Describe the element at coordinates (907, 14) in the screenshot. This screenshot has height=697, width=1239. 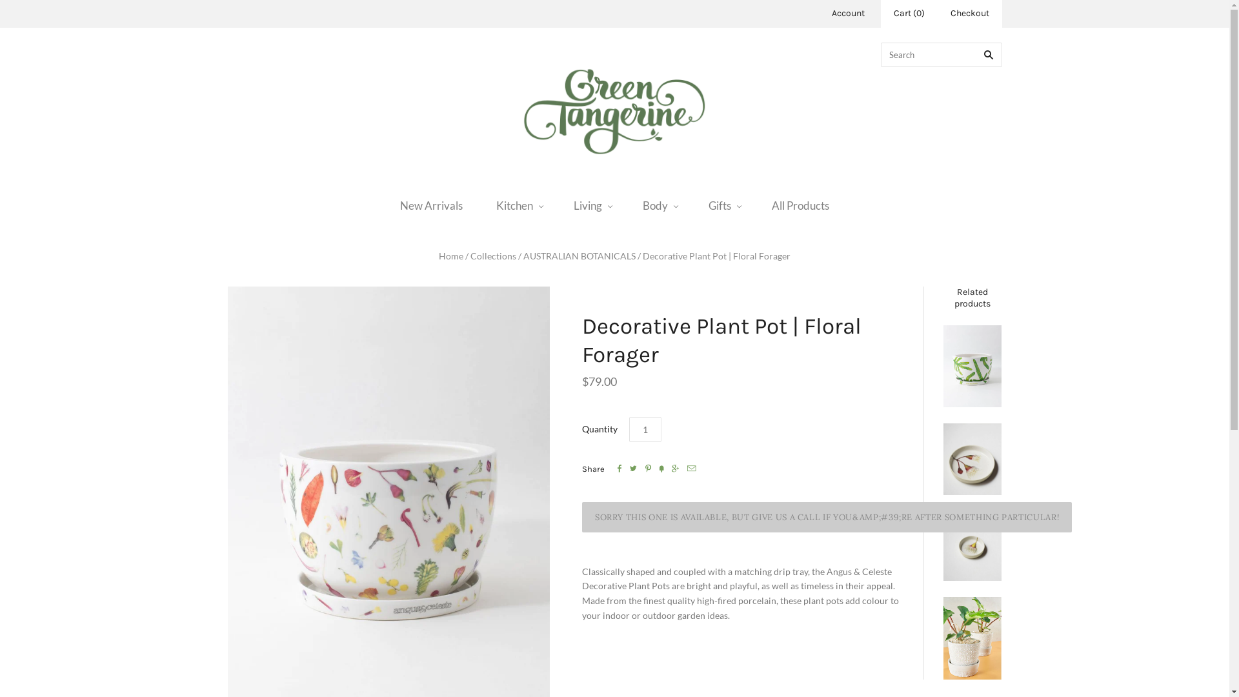
I see `'Cart (0)'` at that location.